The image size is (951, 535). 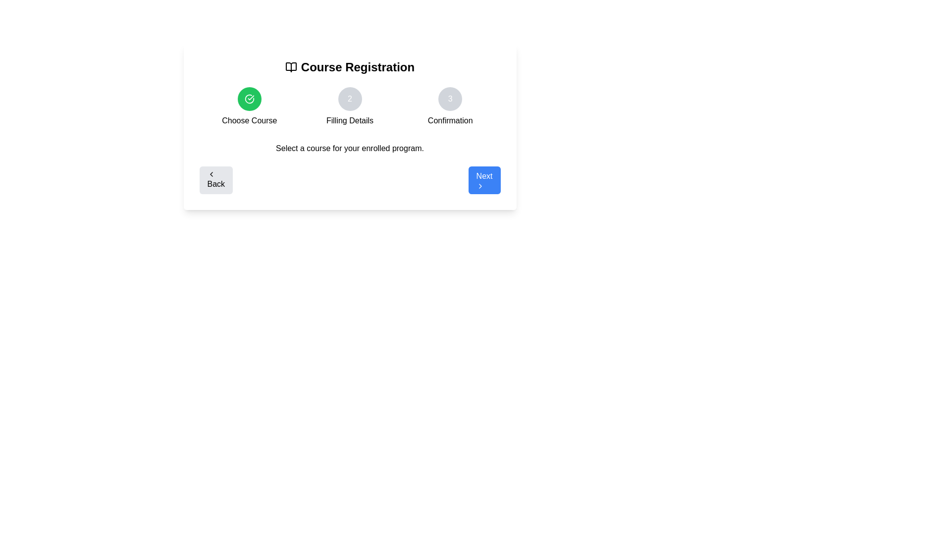 What do you see at coordinates (350, 107) in the screenshot?
I see `the second step indicator in the course registration process that indicates the 'Filling Details' phase` at bounding box center [350, 107].